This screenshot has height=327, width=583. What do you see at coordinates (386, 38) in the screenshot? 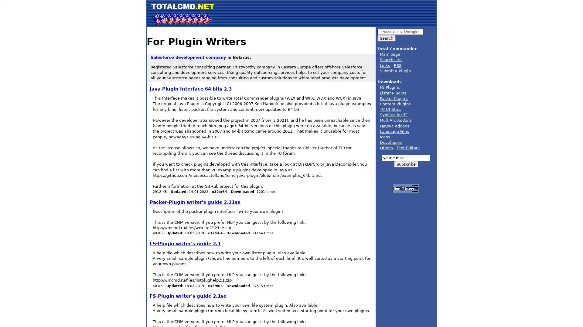
I see `Search` at bounding box center [386, 38].